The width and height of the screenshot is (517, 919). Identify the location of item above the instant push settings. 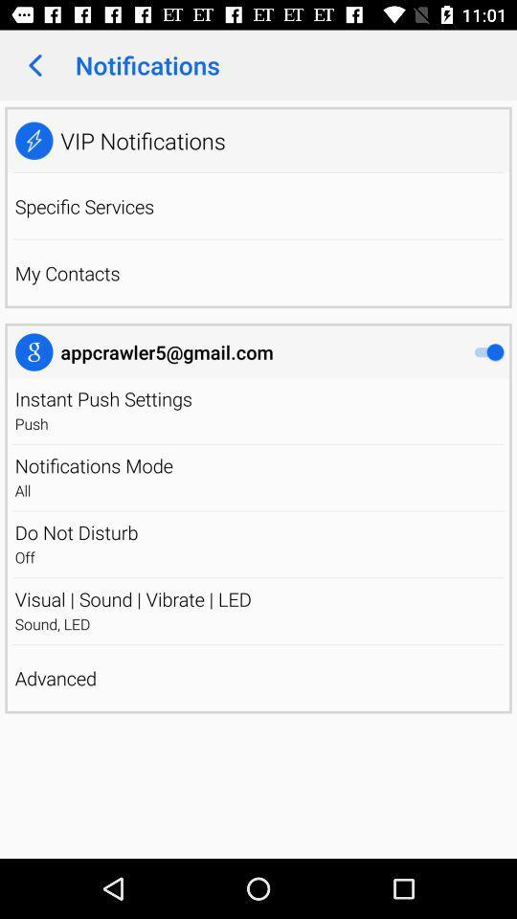
(167, 351).